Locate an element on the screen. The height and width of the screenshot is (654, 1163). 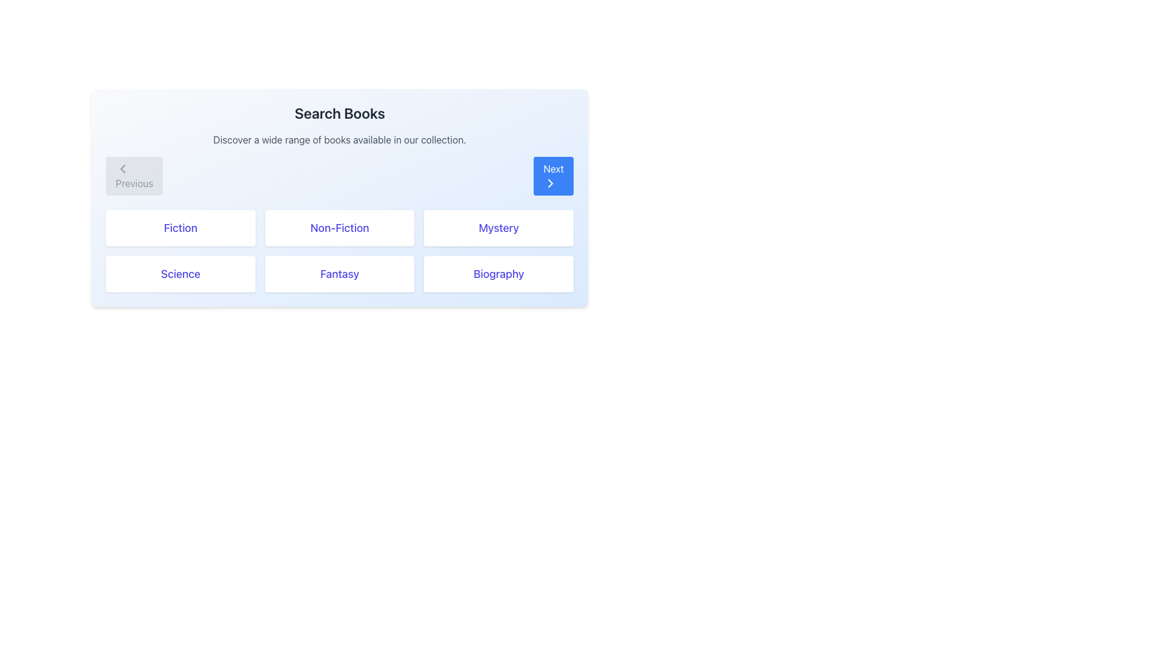
the 'Mystery' button, which is the third button in the first row of a 3x2 grid layout is located at coordinates (499, 228).